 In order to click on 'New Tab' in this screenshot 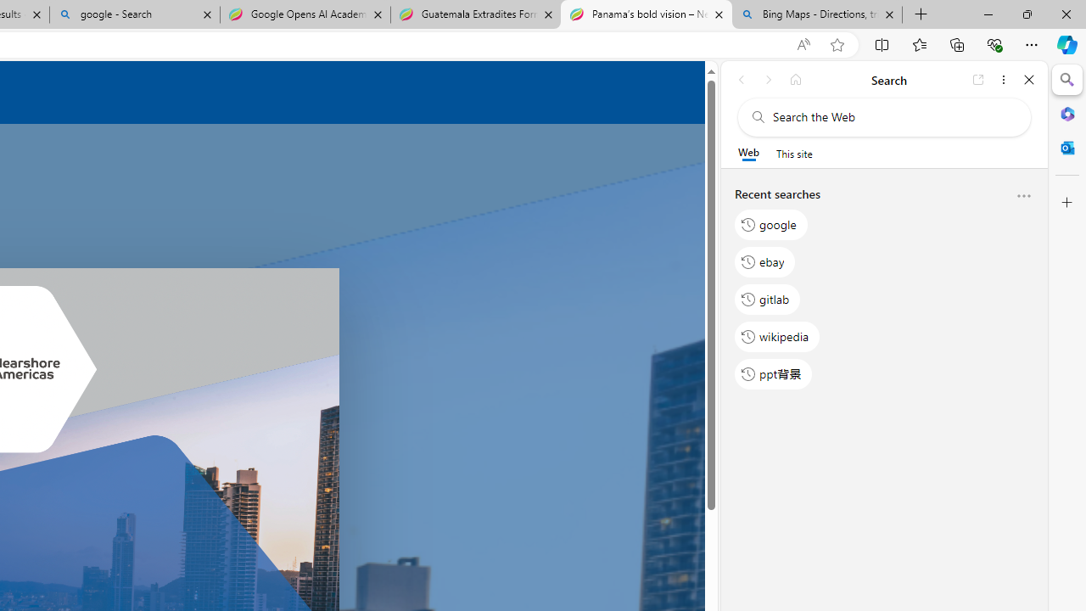, I will do `click(921, 14)`.